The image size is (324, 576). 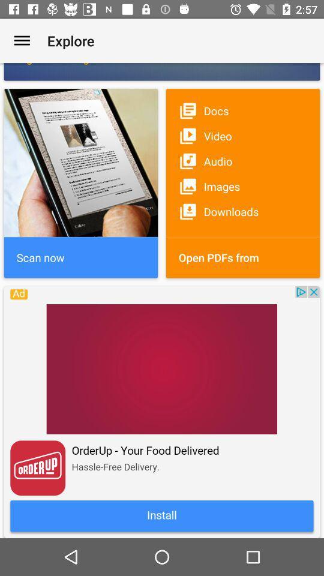 I want to click on the image which is at the top left of the page, so click(x=81, y=183).